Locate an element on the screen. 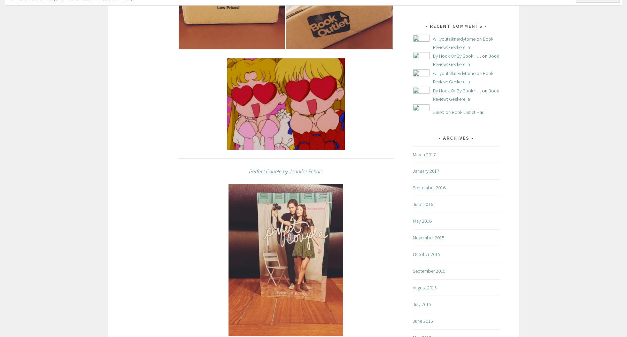  'September 2015' is located at coordinates (428, 271).